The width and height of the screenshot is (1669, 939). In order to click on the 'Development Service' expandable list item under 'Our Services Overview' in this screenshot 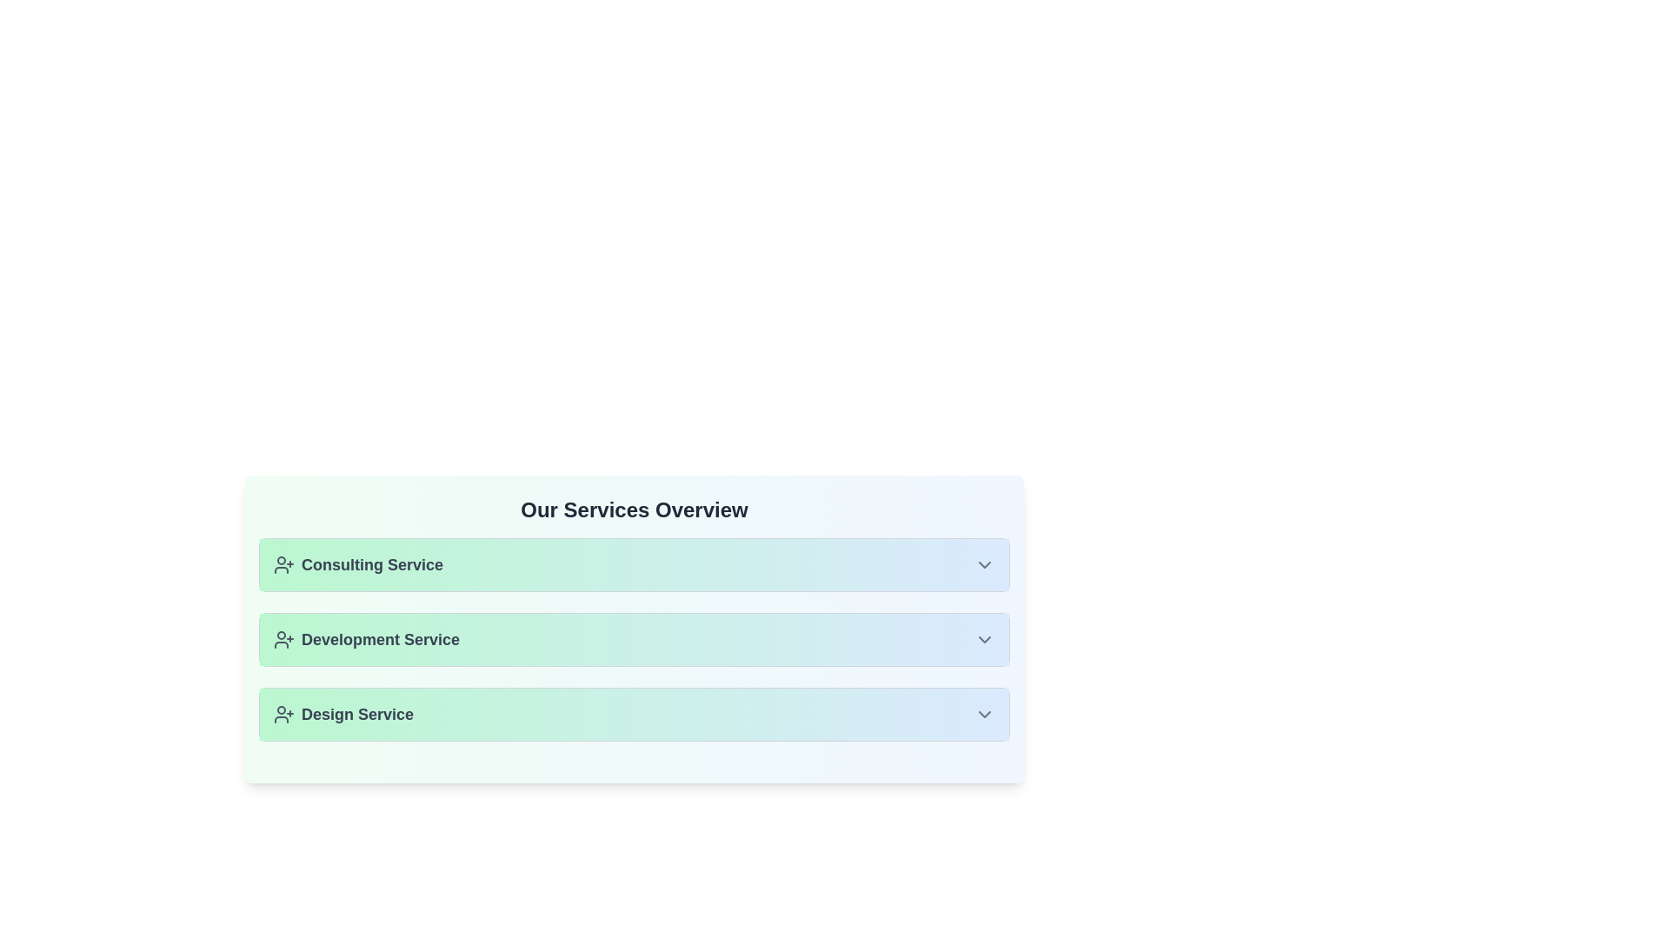, I will do `click(633, 629)`.